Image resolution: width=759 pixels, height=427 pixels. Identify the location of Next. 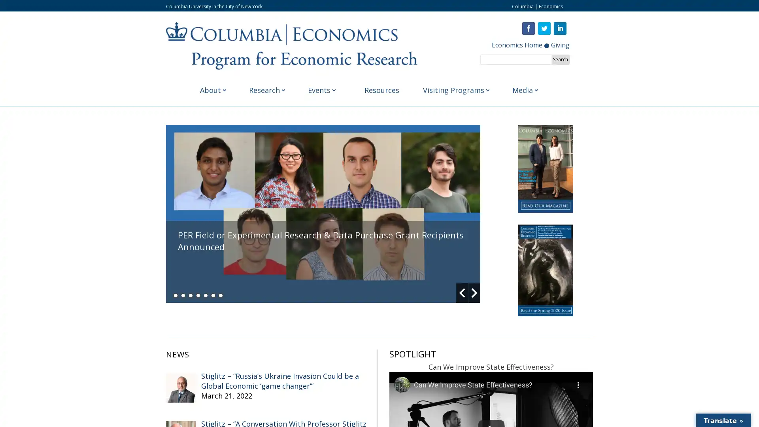
(474, 293).